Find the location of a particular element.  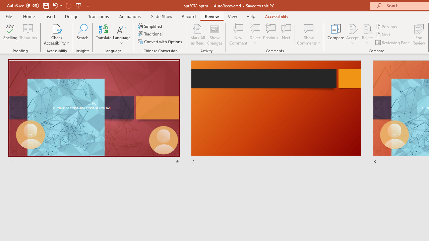

'Simplified' is located at coordinates (150, 26).